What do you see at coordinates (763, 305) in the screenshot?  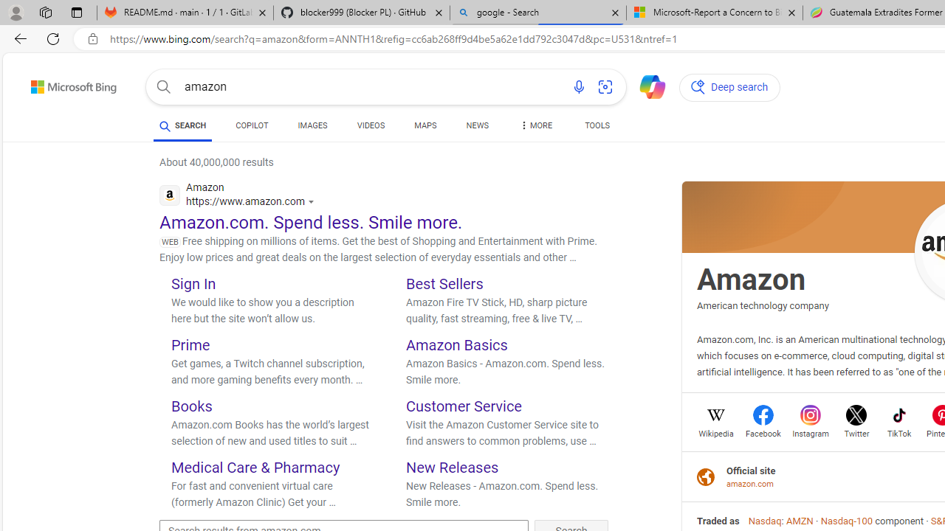 I see `'American technology company'` at bounding box center [763, 305].